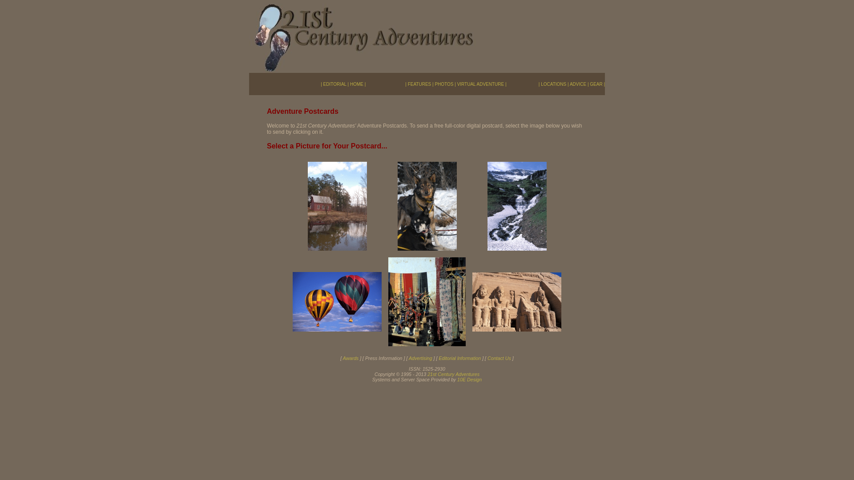  What do you see at coordinates (457, 379) in the screenshot?
I see `'10E Design'` at bounding box center [457, 379].